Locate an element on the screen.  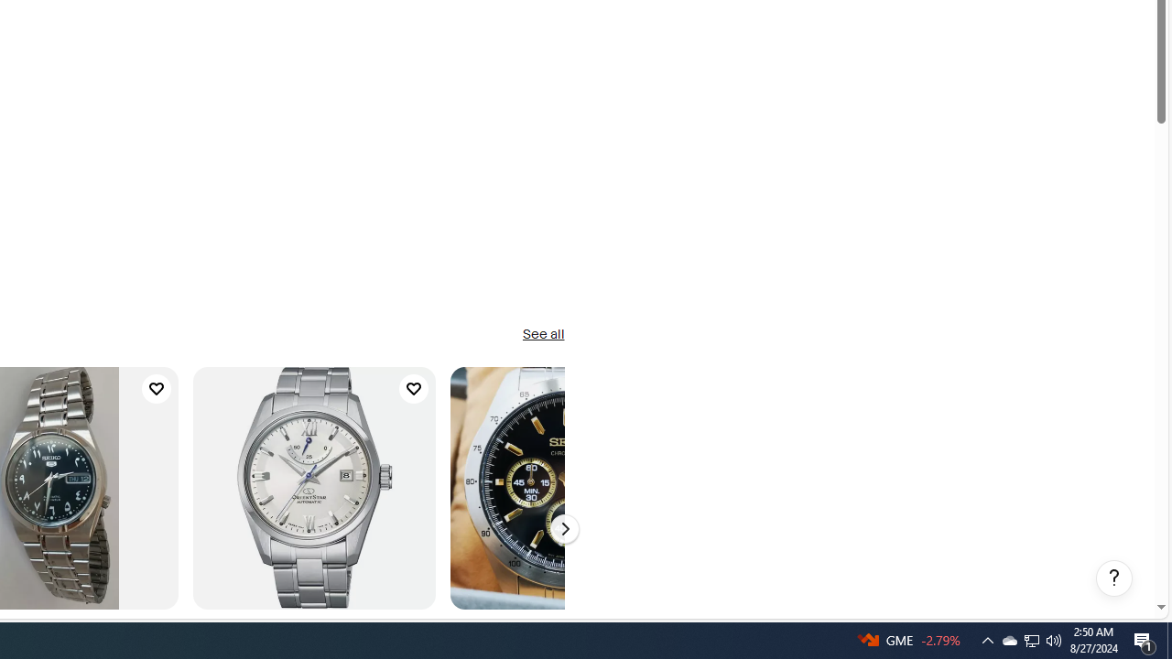
'Go to the next slide, Wristwatches - Carousel' is located at coordinates (563, 529).